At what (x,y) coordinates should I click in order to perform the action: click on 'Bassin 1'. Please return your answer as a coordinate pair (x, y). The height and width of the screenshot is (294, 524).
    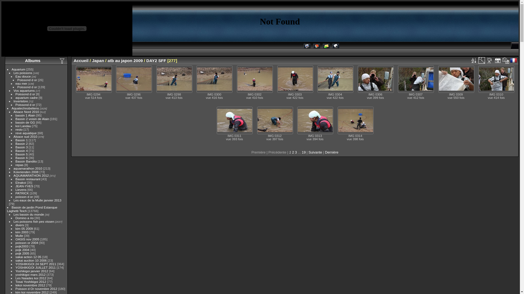
    Looking at the image, I should click on (22, 140).